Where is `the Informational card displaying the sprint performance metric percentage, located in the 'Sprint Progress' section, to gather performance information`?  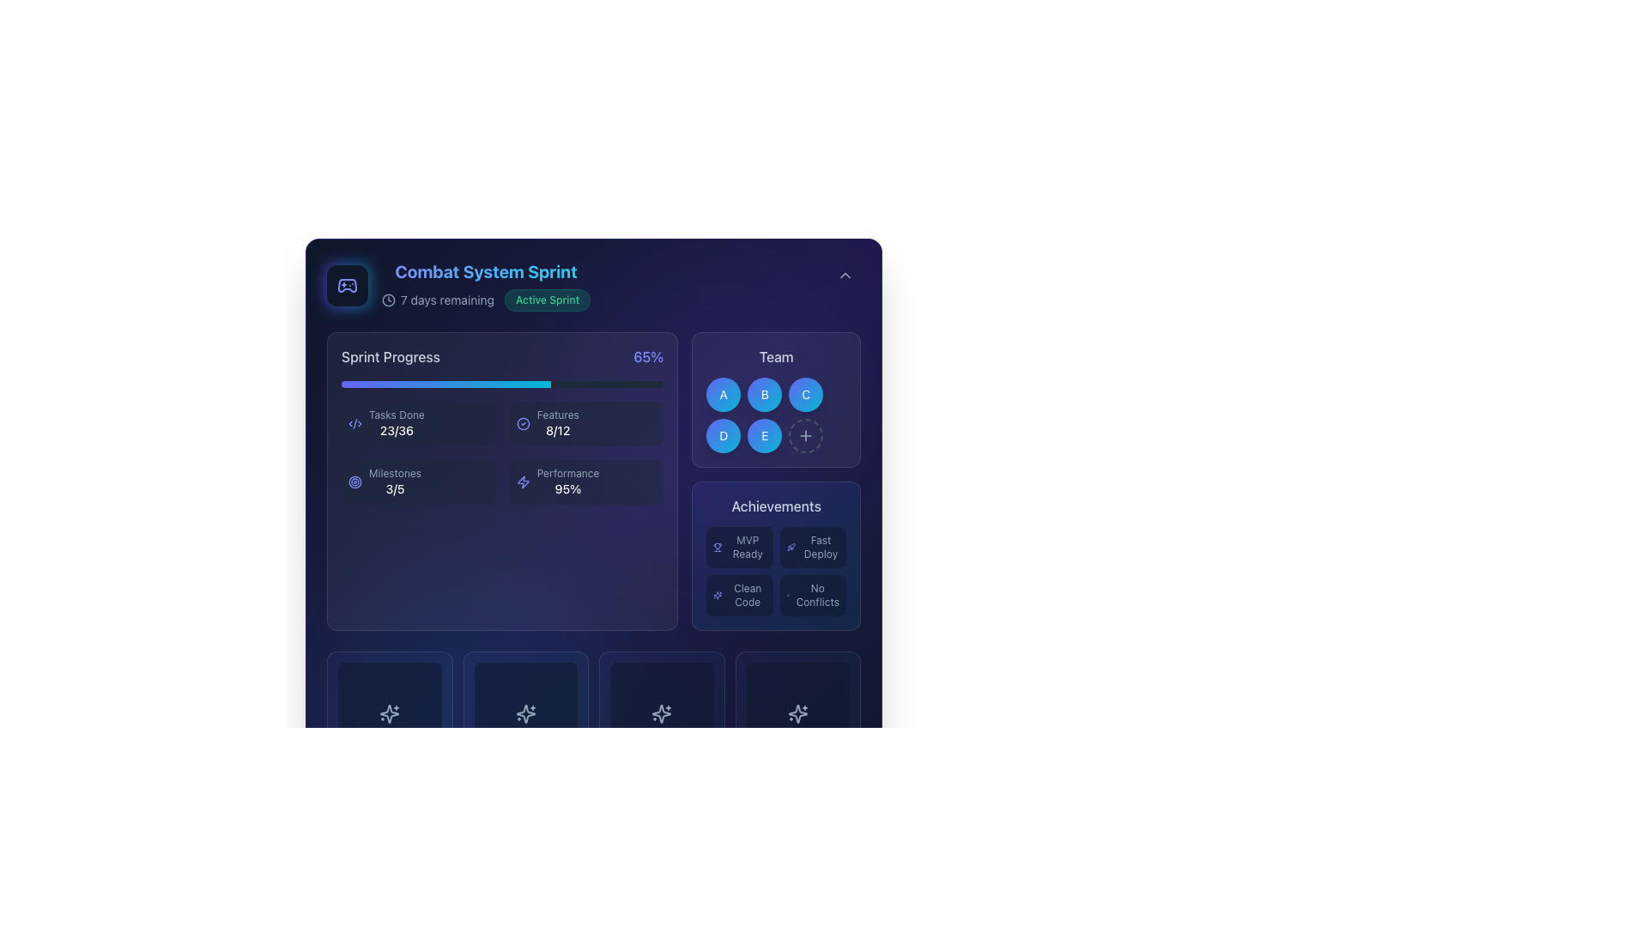
the Informational card displaying the sprint performance metric percentage, located in the 'Sprint Progress' section, to gather performance information is located at coordinates (586, 482).